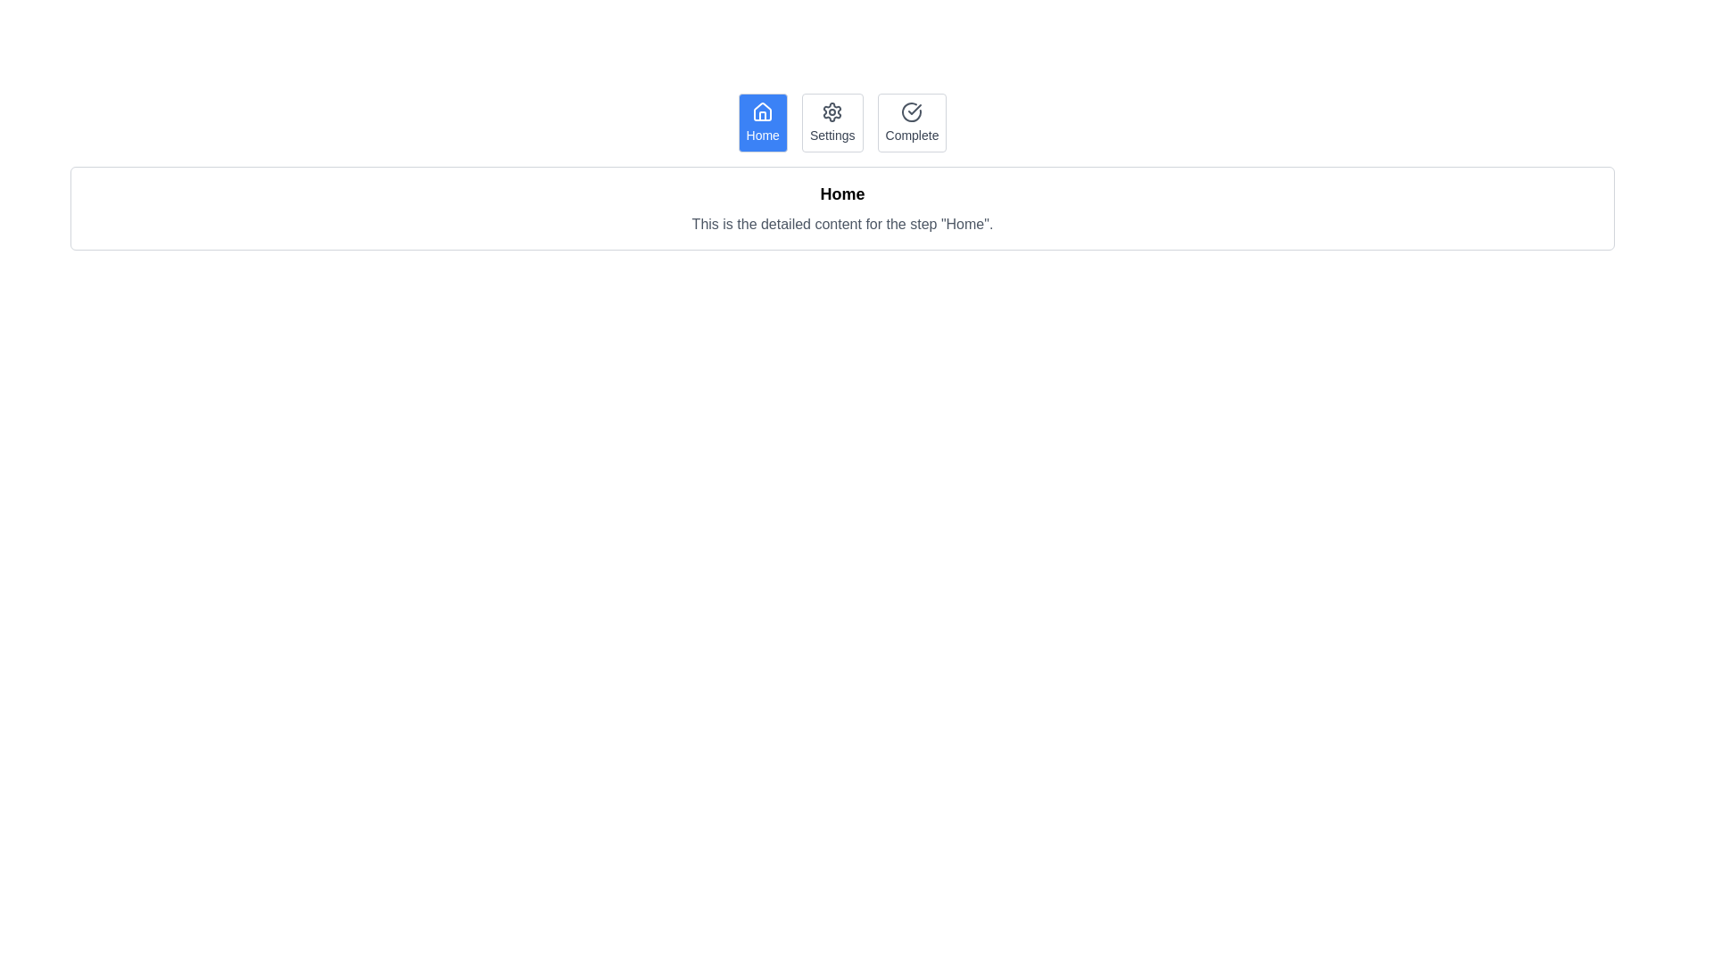 The image size is (1713, 963). Describe the element at coordinates (763, 122) in the screenshot. I see `the 'Home' interactive button` at that location.